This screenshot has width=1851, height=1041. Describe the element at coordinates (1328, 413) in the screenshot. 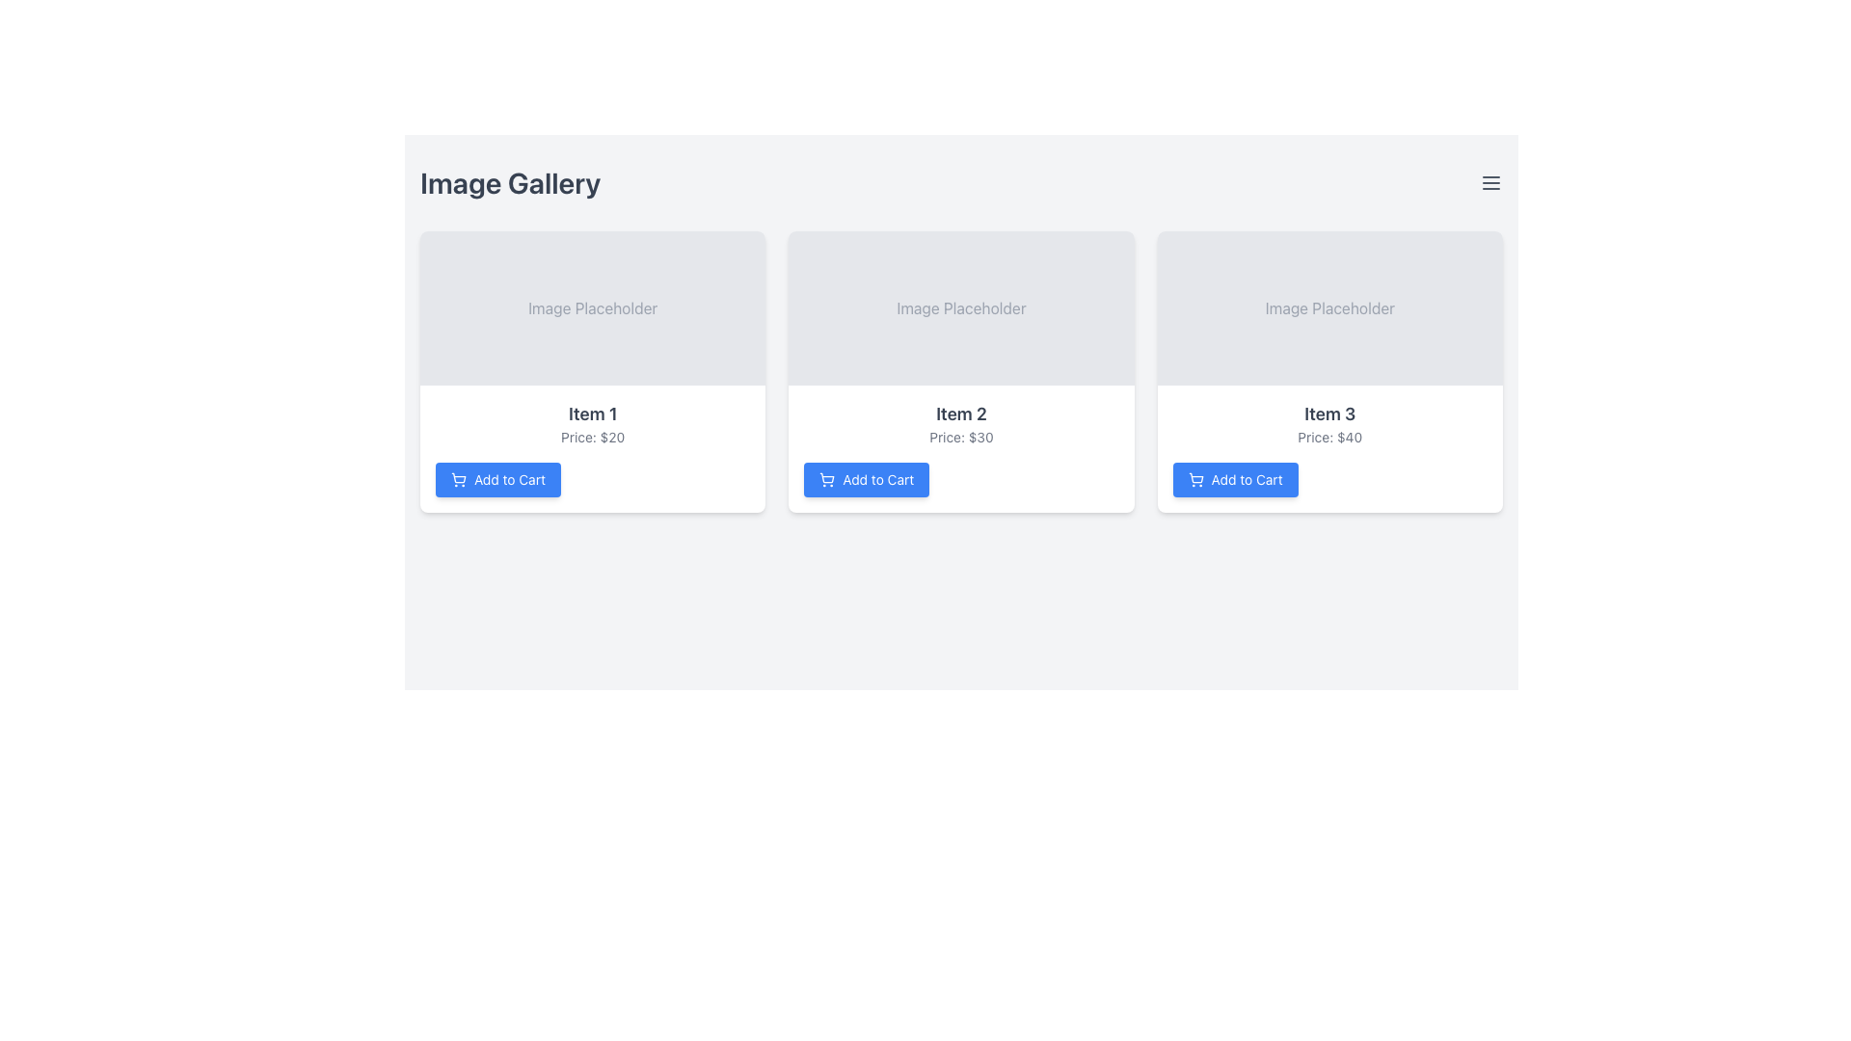

I see `the title text of the third item in the product grid, which is positioned above the price information and the 'Add to Cart' button` at that location.